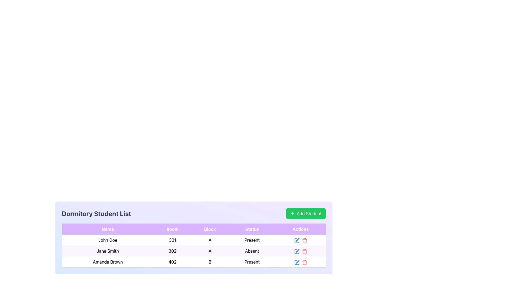  Describe the element at coordinates (304, 262) in the screenshot. I see `the red-colored trash icon button located in the bottom row of the table under the 'Actions' column` at that location.